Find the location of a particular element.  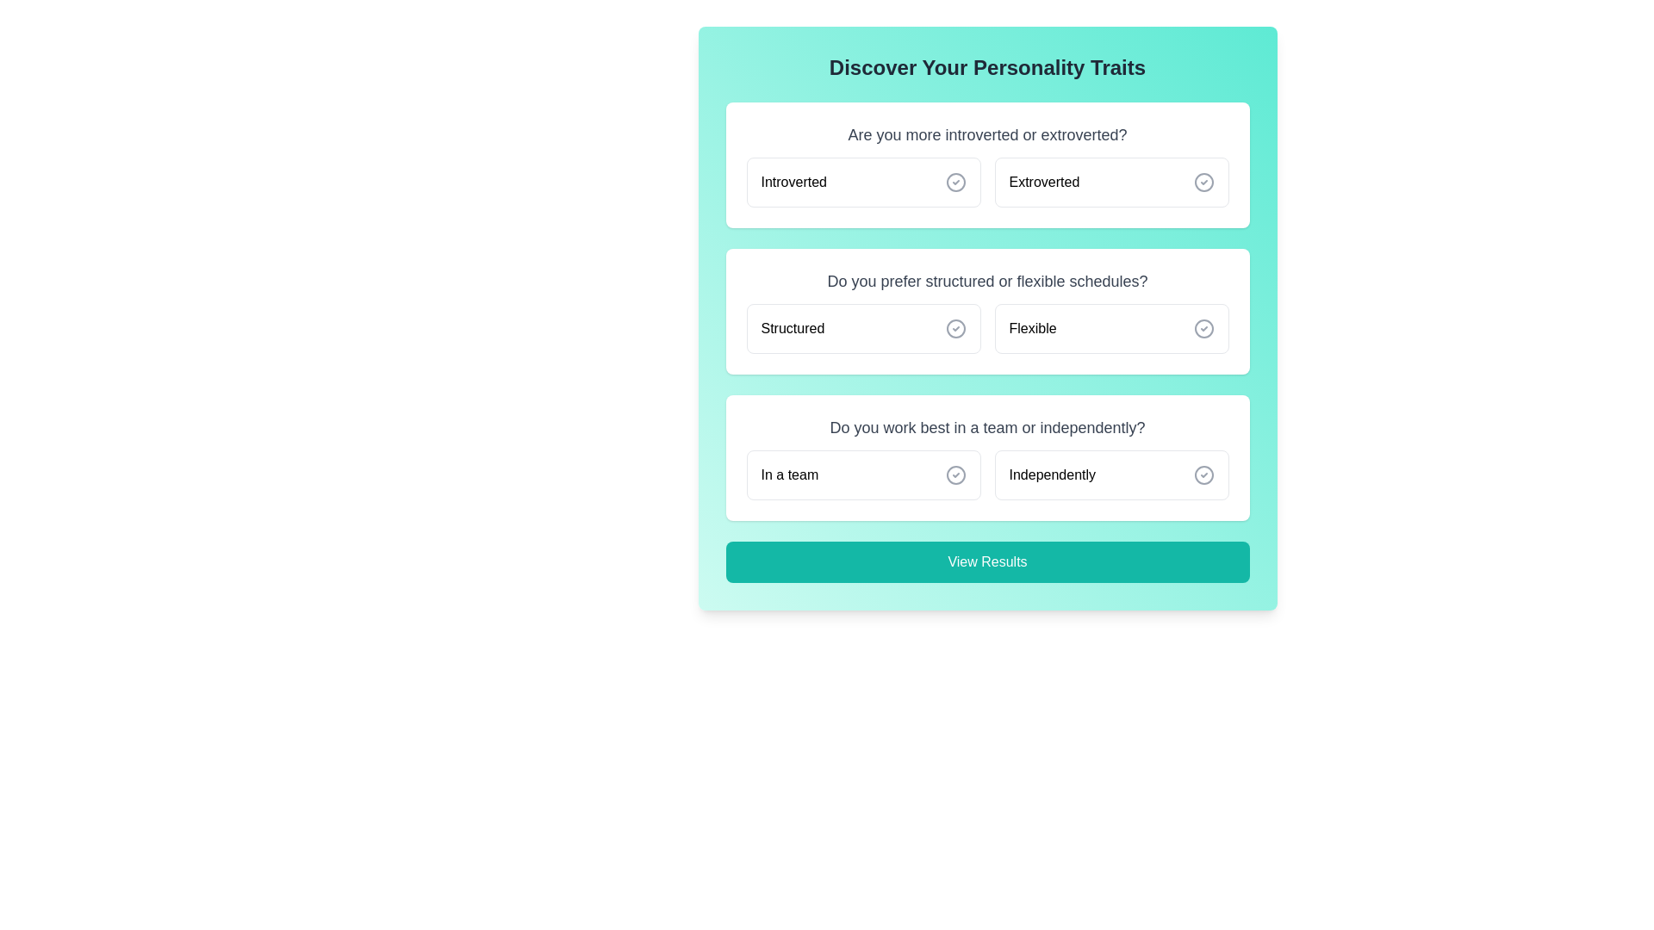

the text label displaying the word 'Structured', which is styled in black and positioned in the second question block of the survey interface, next to a circular selection control is located at coordinates (792, 328).